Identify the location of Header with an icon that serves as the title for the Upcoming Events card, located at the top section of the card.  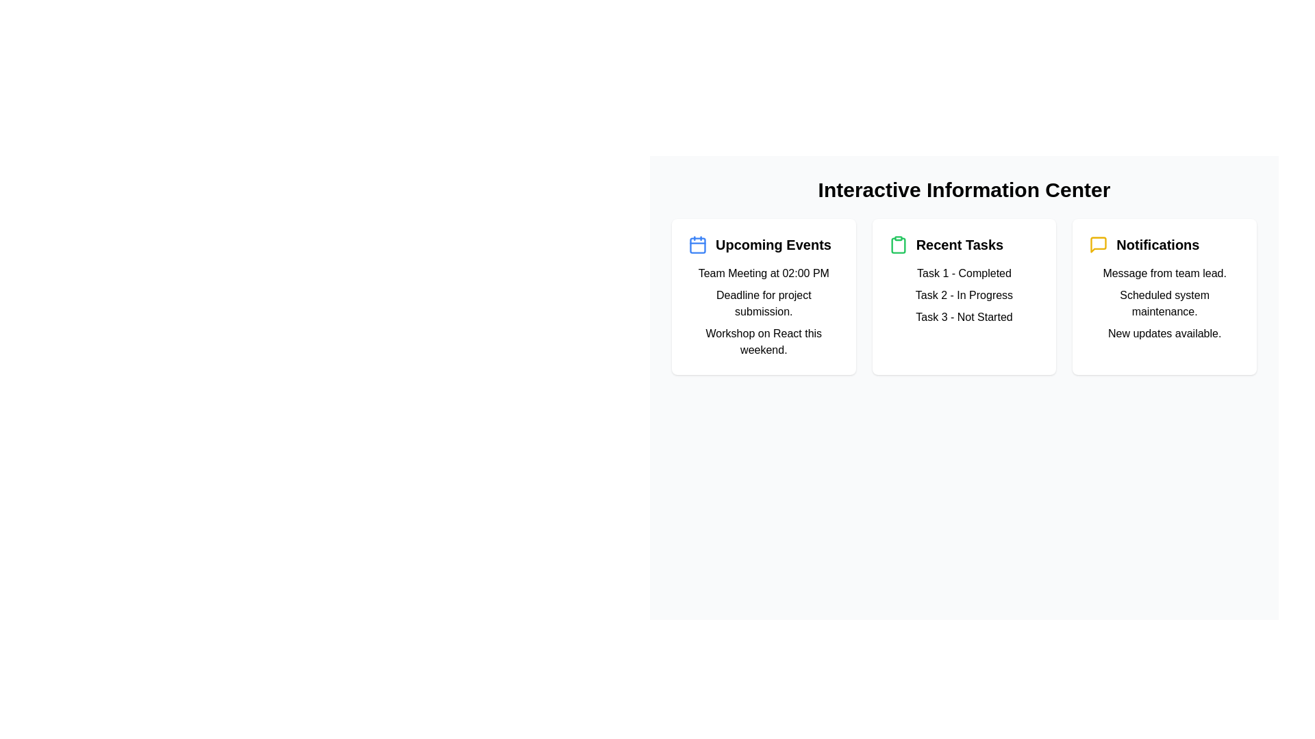
(763, 244).